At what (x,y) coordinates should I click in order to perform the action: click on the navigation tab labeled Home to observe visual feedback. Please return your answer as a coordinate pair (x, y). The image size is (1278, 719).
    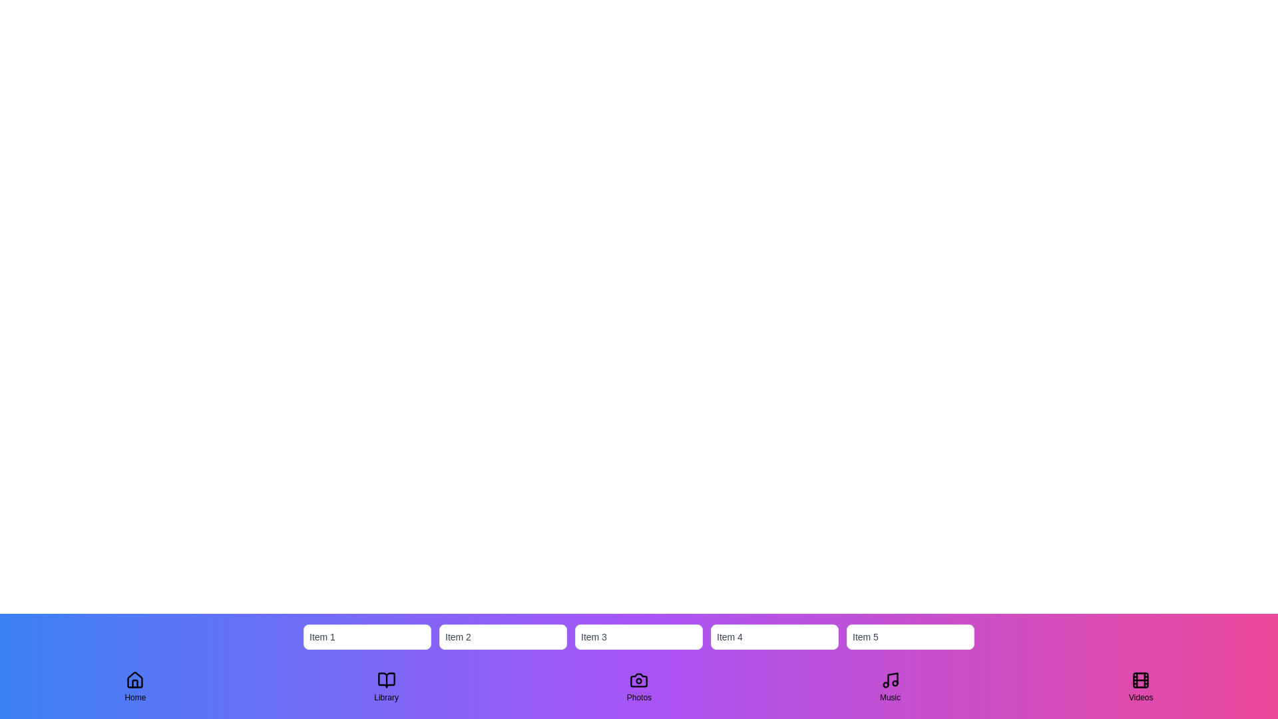
    Looking at the image, I should click on (135, 687).